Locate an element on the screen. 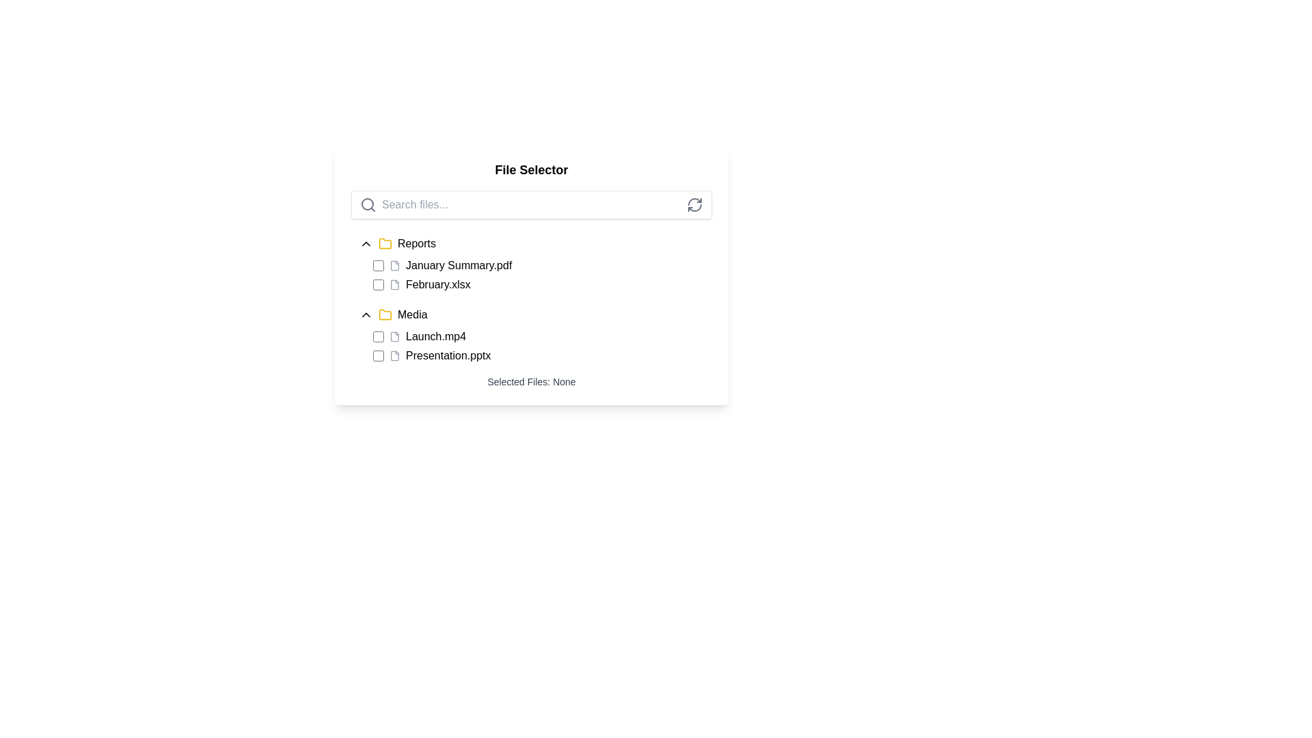 This screenshot has width=1312, height=738. the text display element that shows 'Selected Files: None' at the bottom of the file selector component is located at coordinates (530, 382).